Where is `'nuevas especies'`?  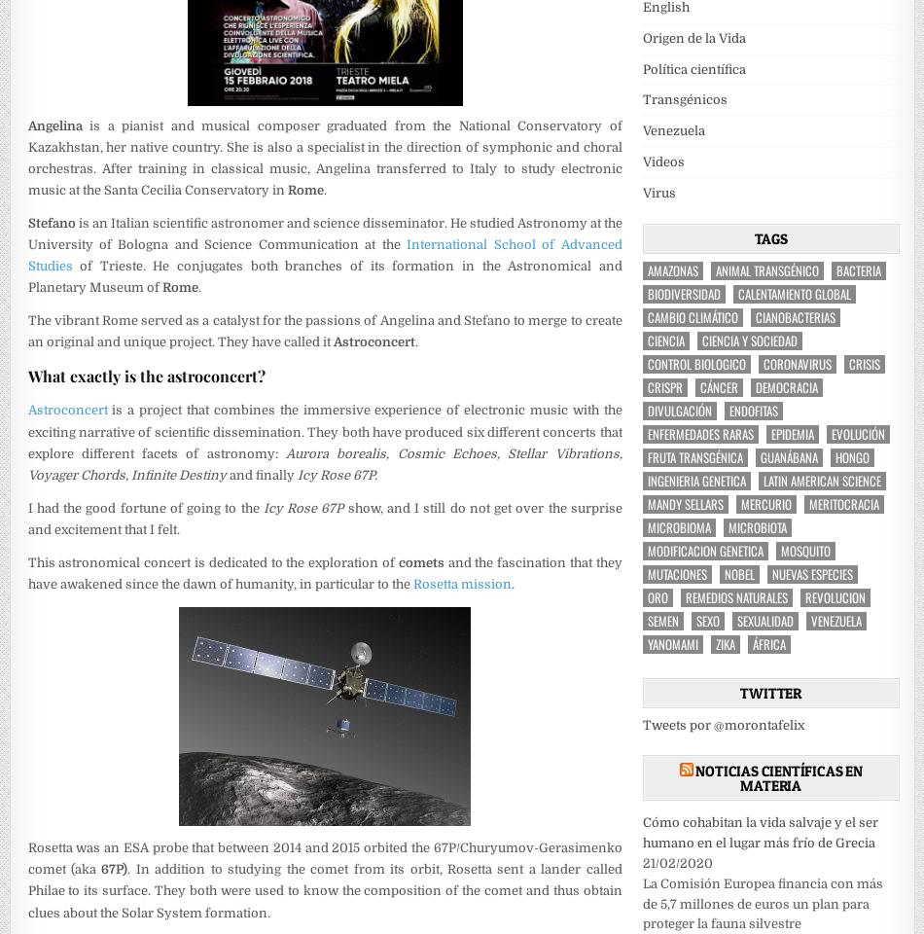 'nuevas especies' is located at coordinates (810, 572).